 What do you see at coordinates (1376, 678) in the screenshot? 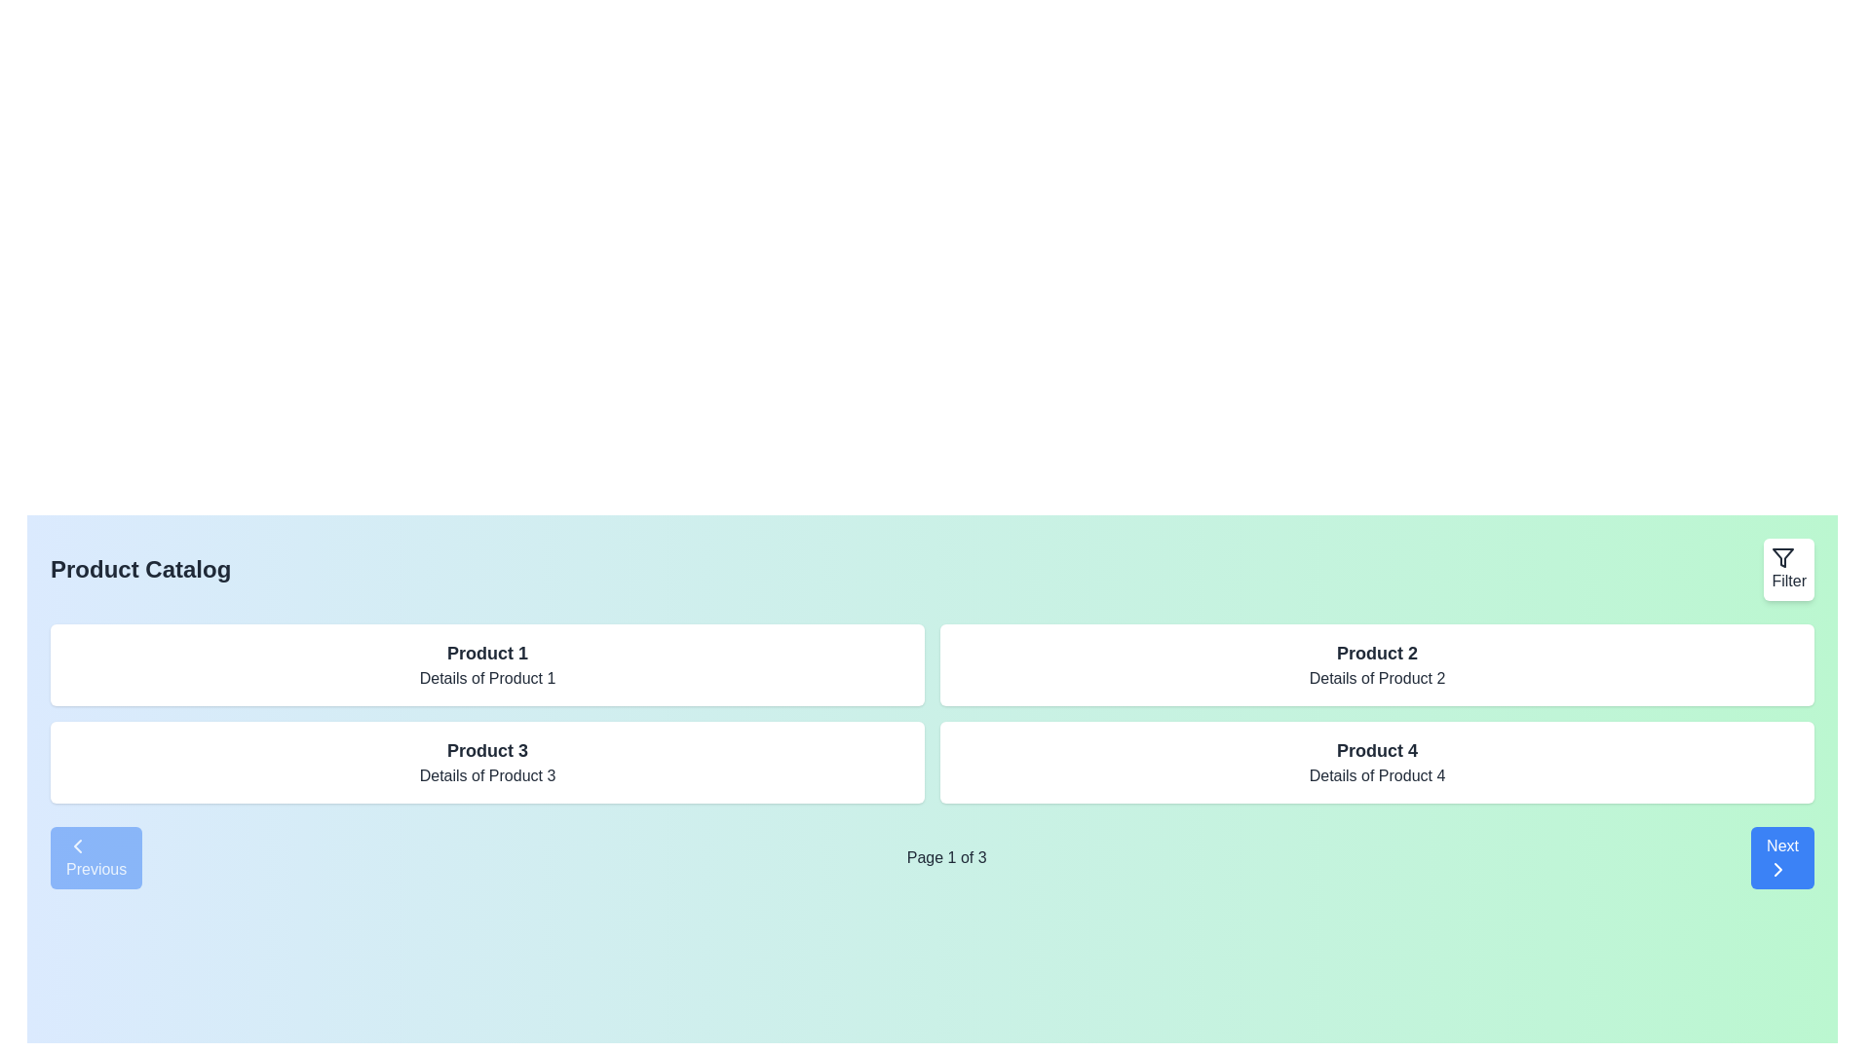
I see `additional descriptive text that elaborates on 'Product 2', positioned below the 'Product 2' title in the top-right corner of the product cards grid` at bounding box center [1376, 678].